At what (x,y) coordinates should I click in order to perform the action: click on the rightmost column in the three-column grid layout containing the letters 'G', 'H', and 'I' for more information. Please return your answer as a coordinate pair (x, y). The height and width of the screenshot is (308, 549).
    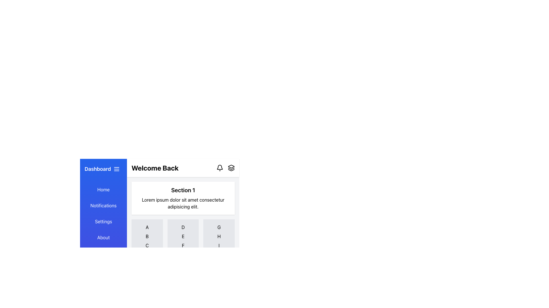
    Looking at the image, I should click on (219, 238).